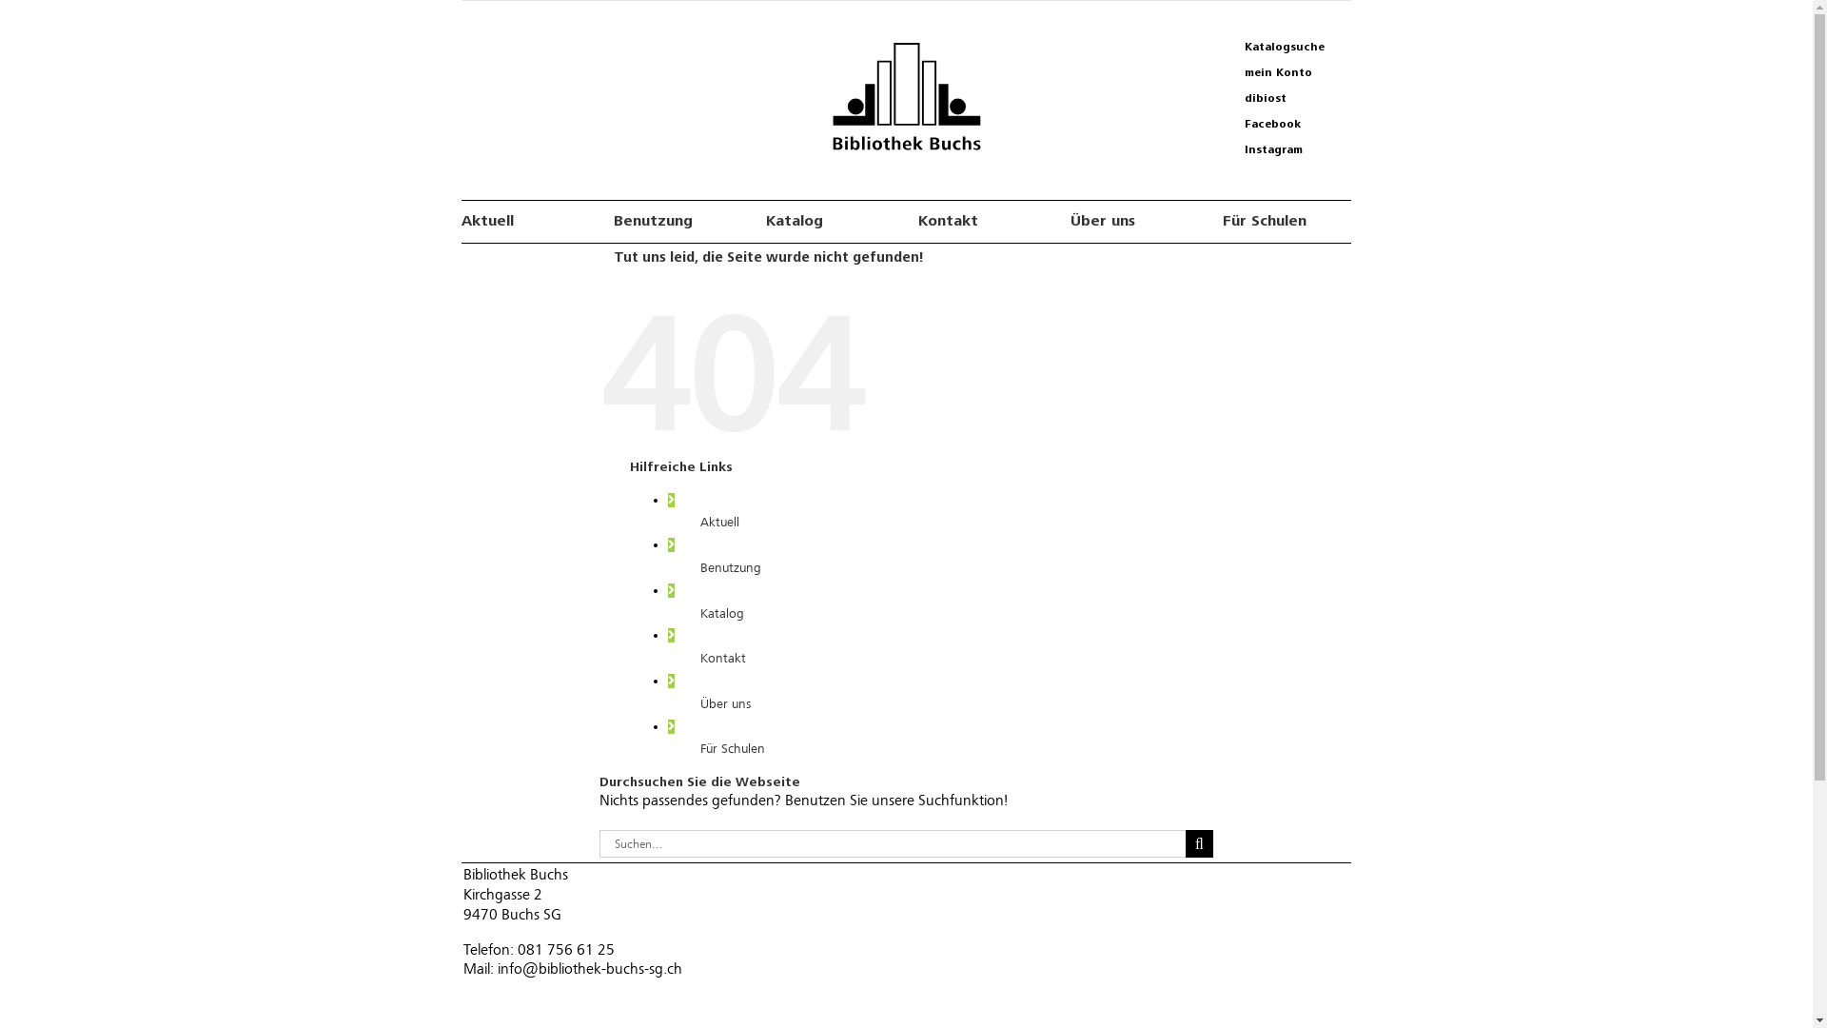 The height and width of the screenshot is (1028, 1827). I want to click on '081 756 61 25', so click(565, 950).